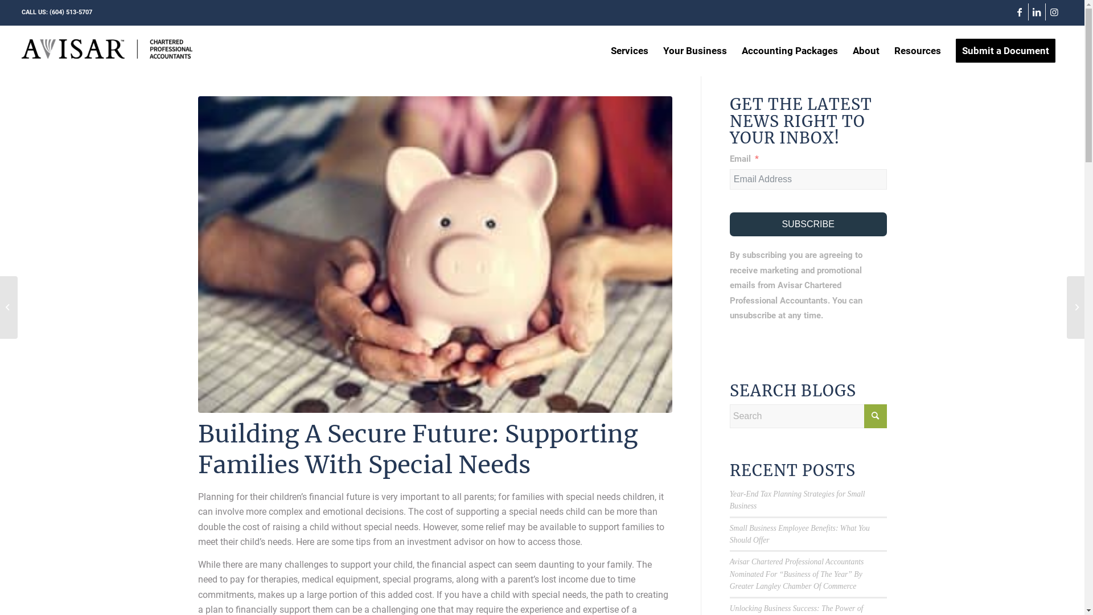 Image resolution: width=1093 pixels, height=615 pixels. Describe the element at coordinates (694, 50) in the screenshot. I see `'Your Business'` at that location.